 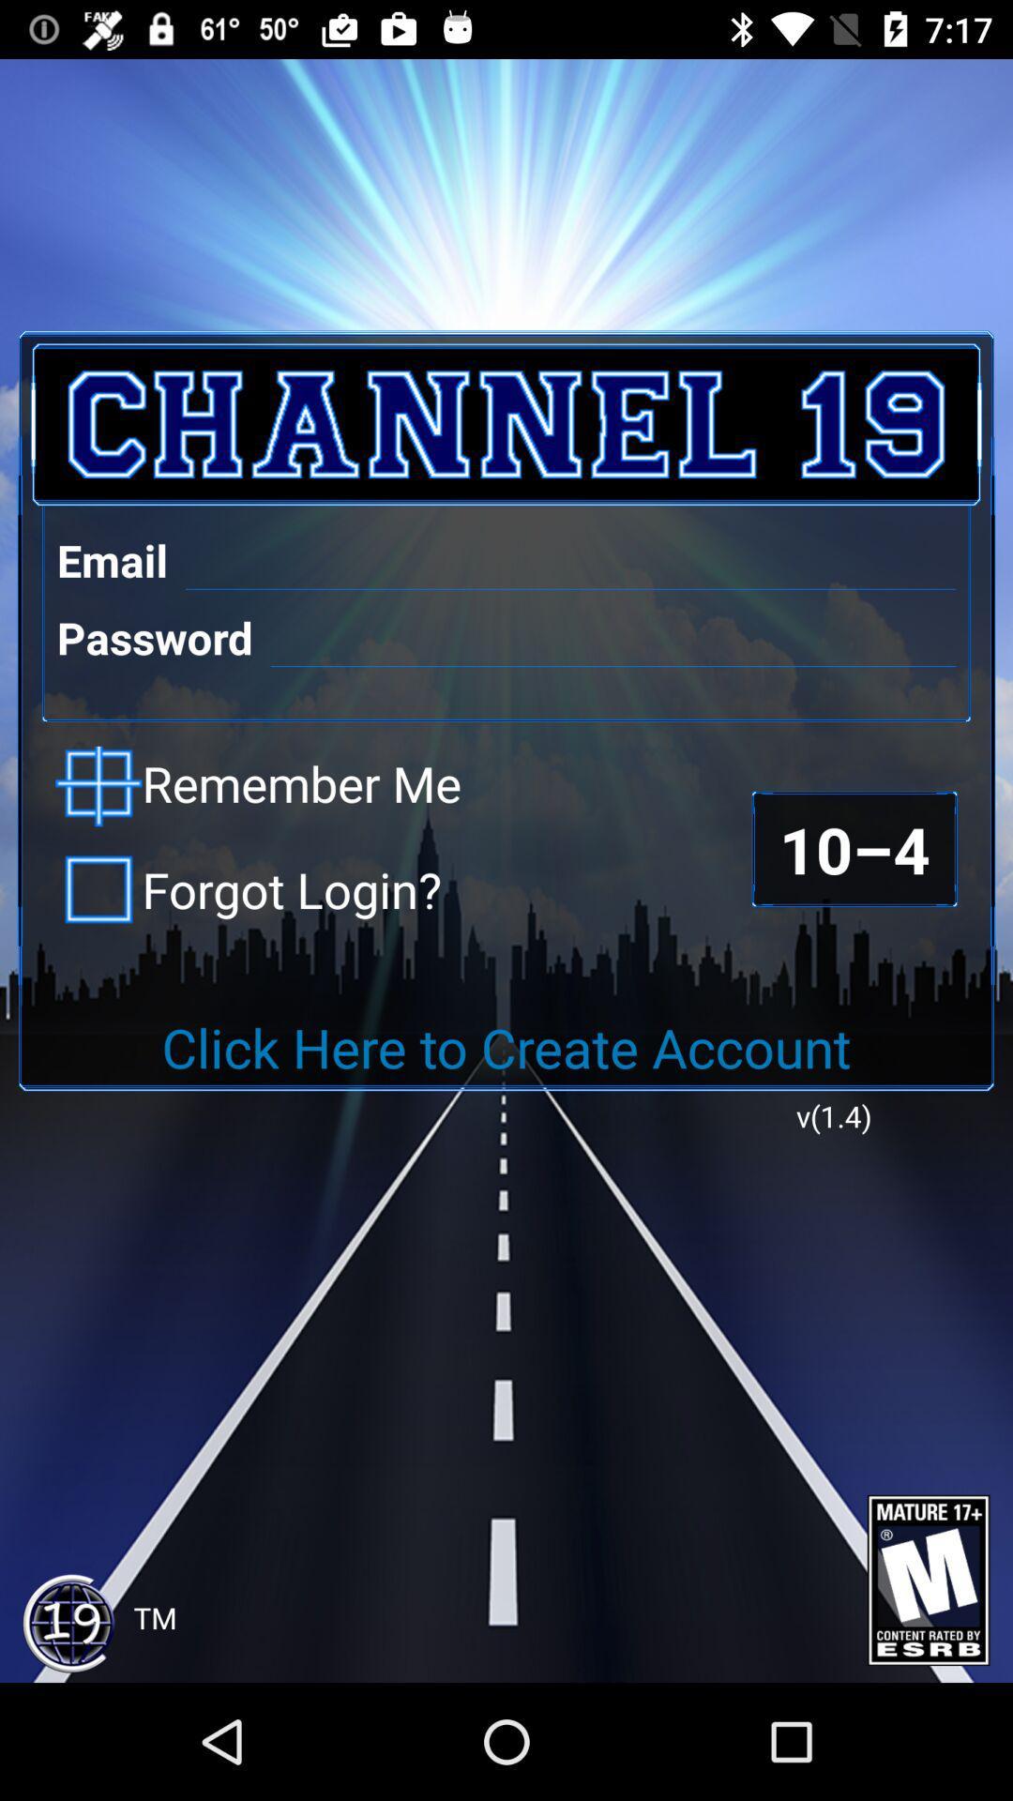 What do you see at coordinates (248, 888) in the screenshot?
I see `checkbox below the remember me icon` at bounding box center [248, 888].